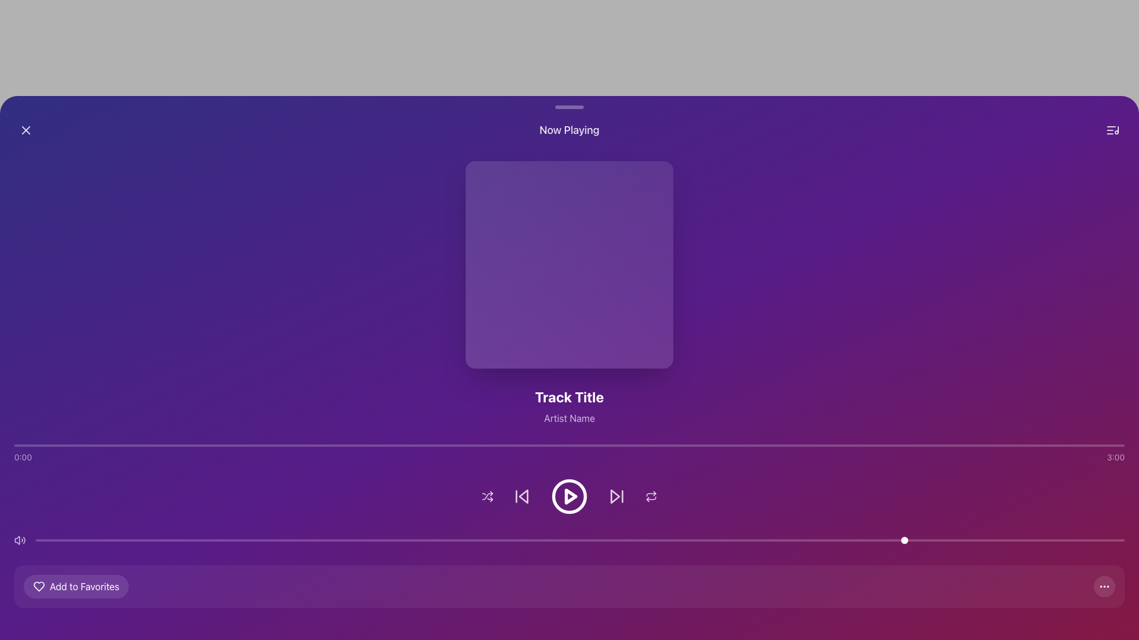 The height and width of the screenshot is (640, 1139). I want to click on the slider value, so click(1081, 540).